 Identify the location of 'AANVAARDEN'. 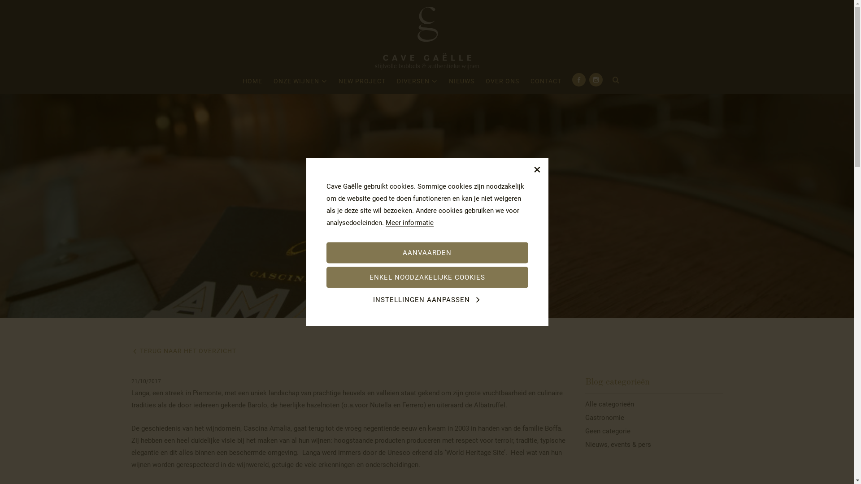
(427, 252).